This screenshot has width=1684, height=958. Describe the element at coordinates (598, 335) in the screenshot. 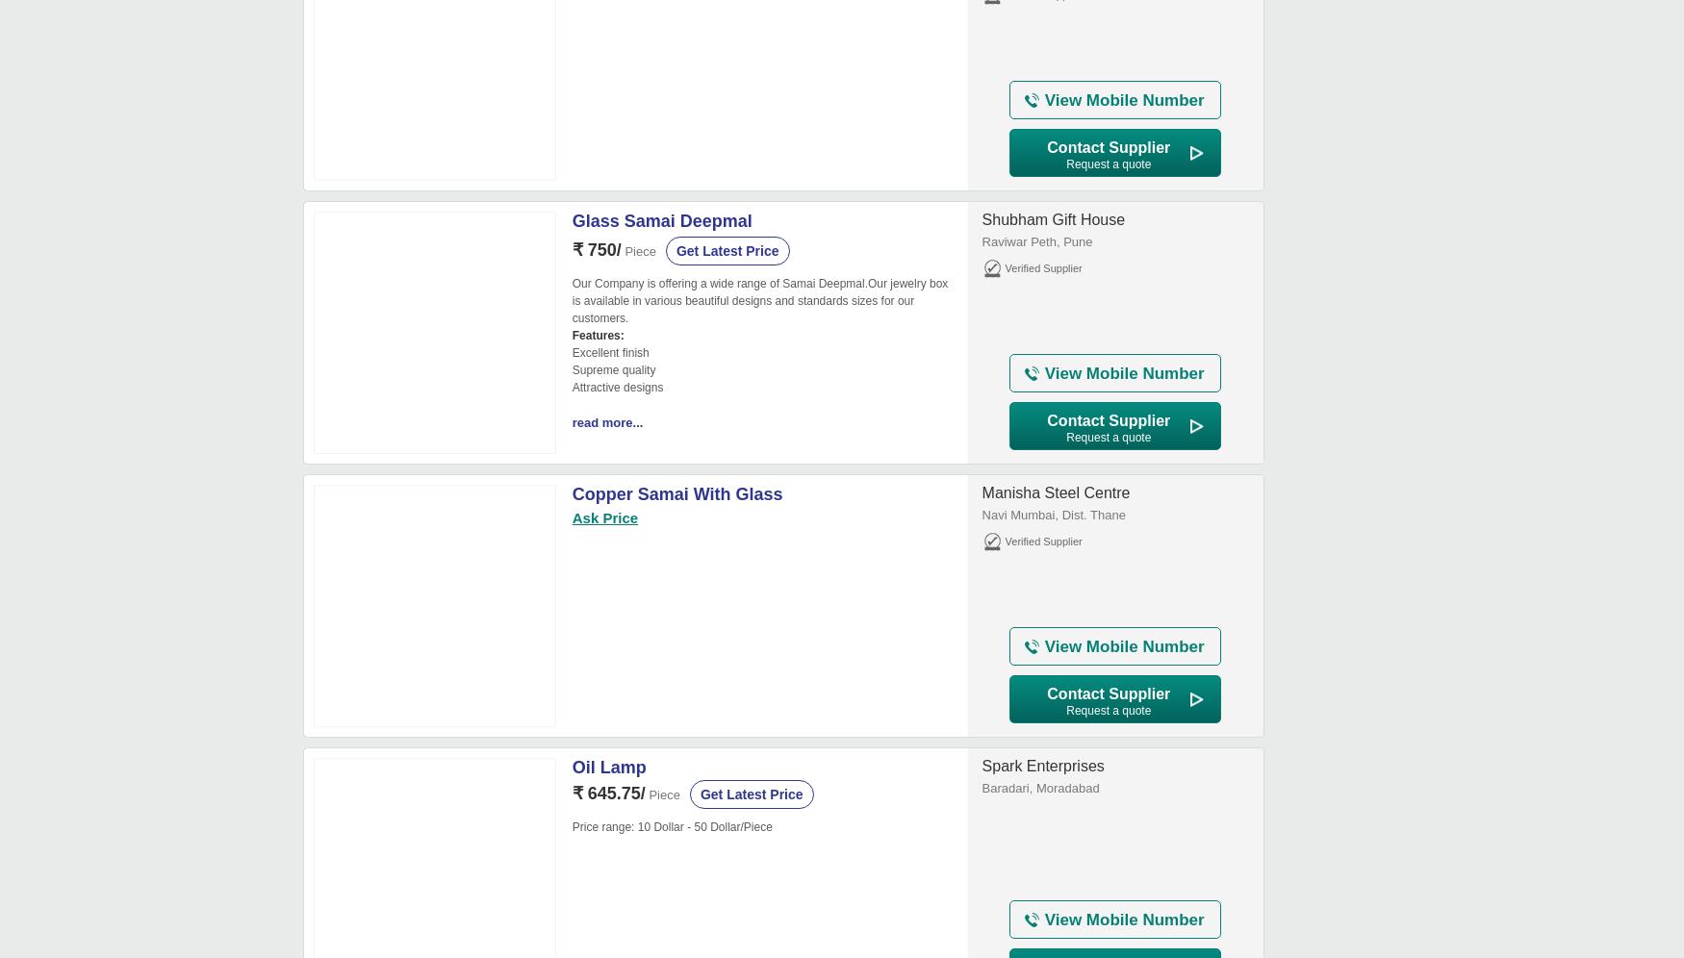

I see `'Features:'` at that location.